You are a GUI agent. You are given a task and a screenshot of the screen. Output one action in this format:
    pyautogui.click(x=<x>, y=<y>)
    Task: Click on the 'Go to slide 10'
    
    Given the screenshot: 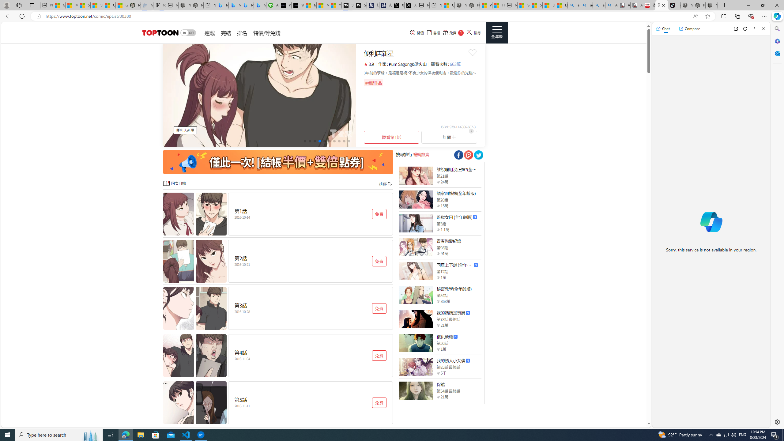 What is the action you would take?
    pyautogui.click(x=349, y=141)
    